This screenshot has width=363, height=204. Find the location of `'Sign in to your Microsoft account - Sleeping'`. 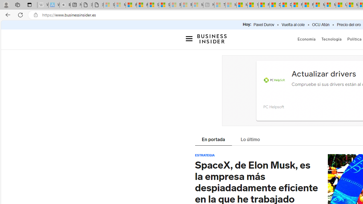

'Sign in to your Microsoft account - Sleeping' is located at coordinates (109, 5).